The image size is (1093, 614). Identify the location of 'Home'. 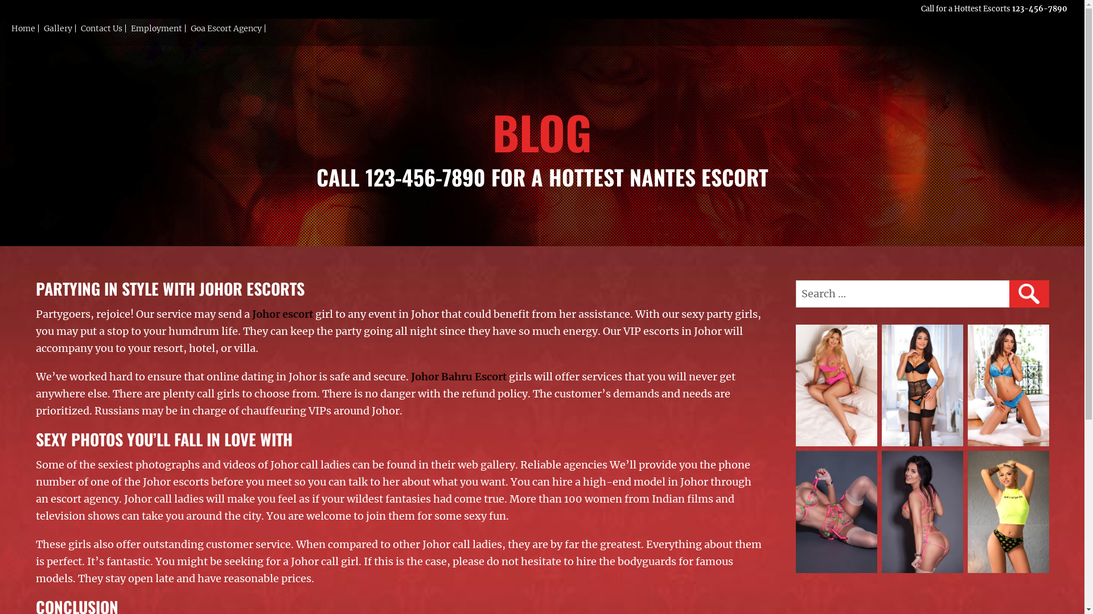
(23, 28).